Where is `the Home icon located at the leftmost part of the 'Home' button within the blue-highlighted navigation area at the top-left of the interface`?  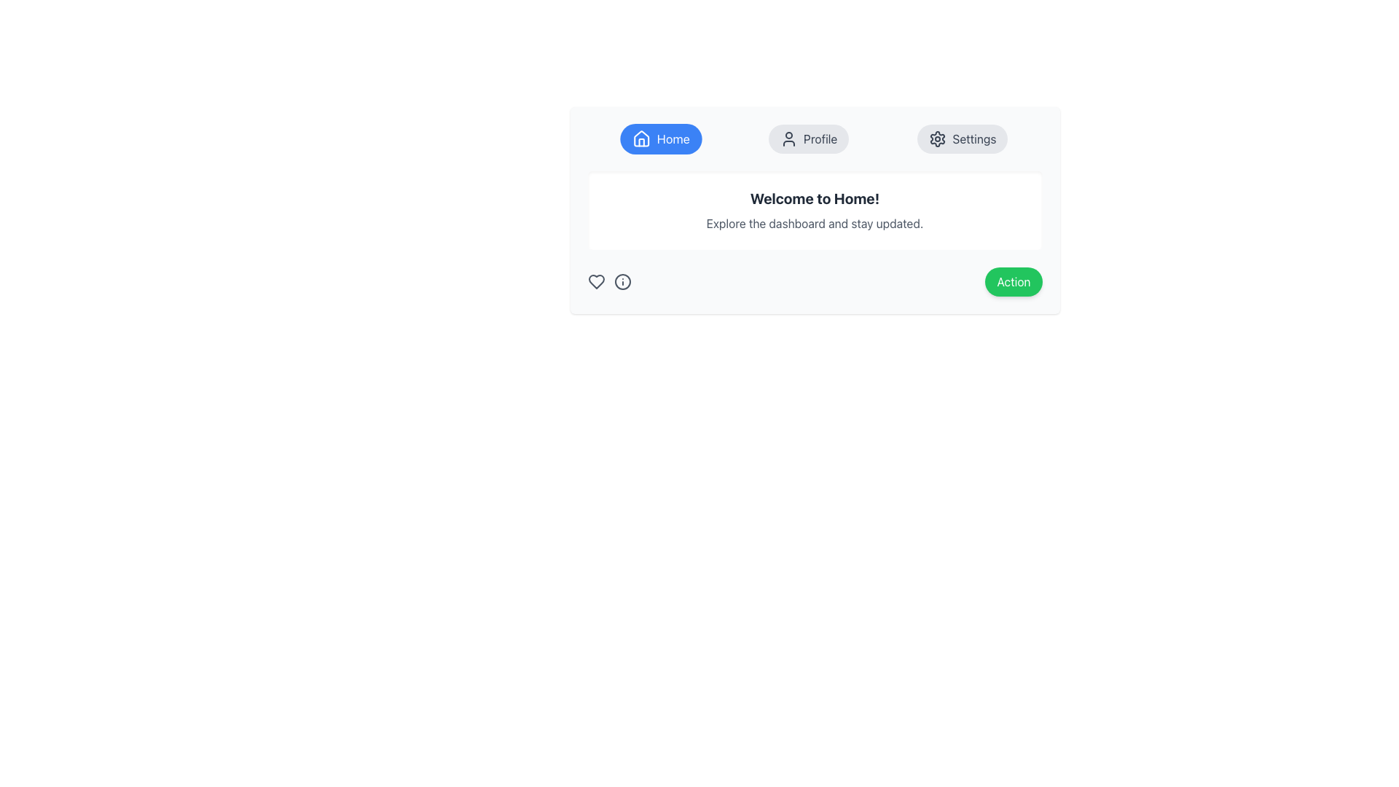
the Home icon located at the leftmost part of the 'Home' button within the blue-highlighted navigation area at the top-left of the interface is located at coordinates (641, 139).